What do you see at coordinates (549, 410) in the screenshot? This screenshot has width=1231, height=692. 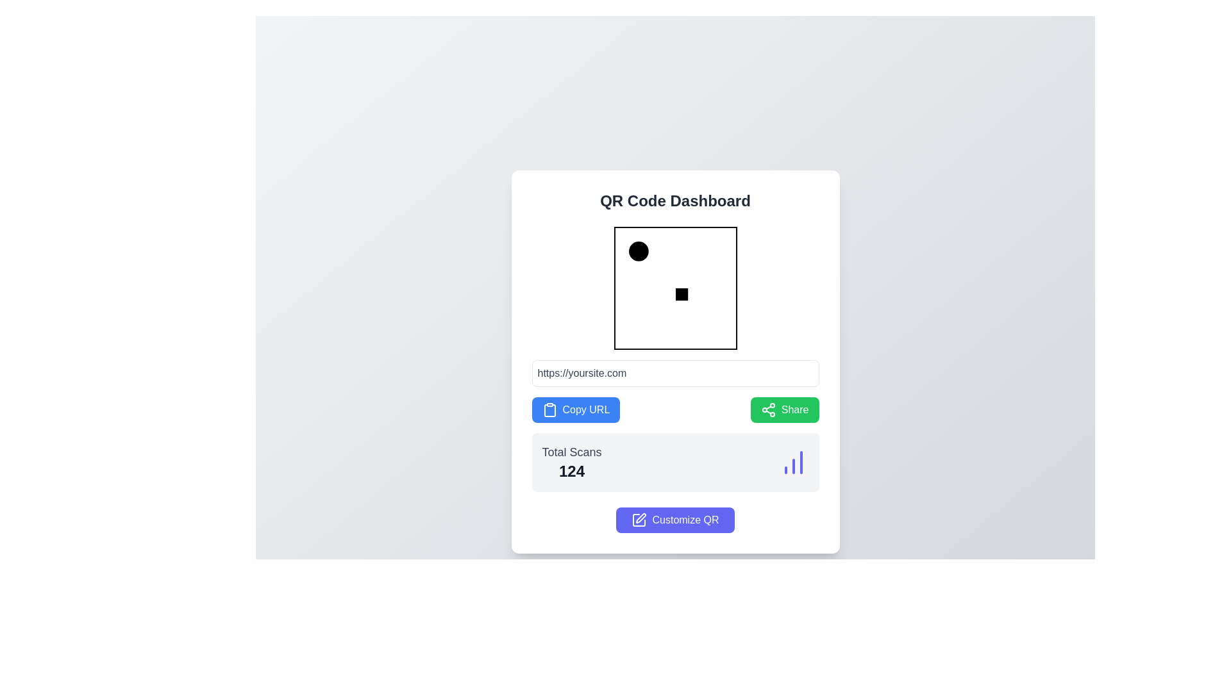 I see `the blue button labeled 'Copy URL' which contains the icon for copying a URL` at bounding box center [549, 410].